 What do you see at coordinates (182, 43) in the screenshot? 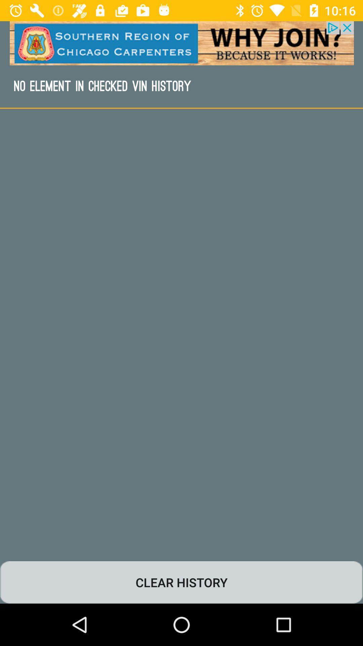
I see `advertisement page` at bounding box center [182, 43].